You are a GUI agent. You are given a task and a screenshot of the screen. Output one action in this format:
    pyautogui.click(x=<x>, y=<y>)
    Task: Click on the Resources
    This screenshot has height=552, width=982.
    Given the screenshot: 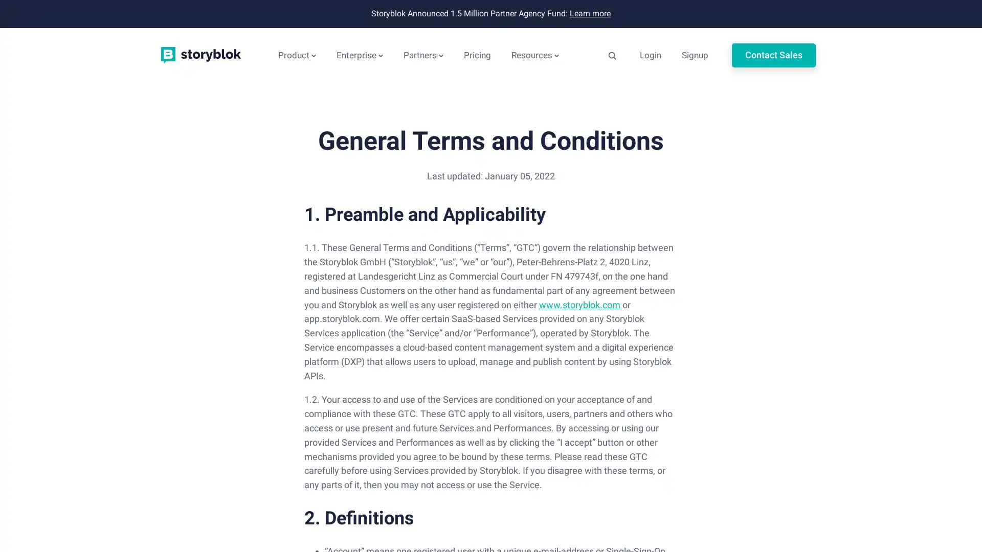 What is the action you would take?
    pyautogui.click(x=534, y=55)
    